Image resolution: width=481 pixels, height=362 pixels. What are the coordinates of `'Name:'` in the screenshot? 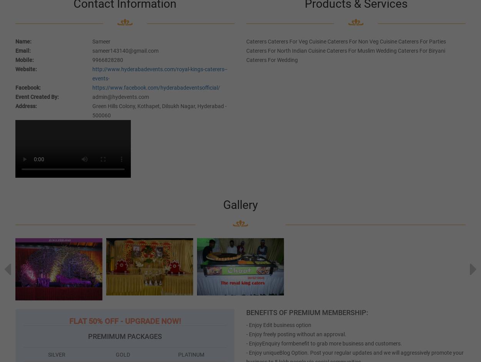 It's located at (23, 41).